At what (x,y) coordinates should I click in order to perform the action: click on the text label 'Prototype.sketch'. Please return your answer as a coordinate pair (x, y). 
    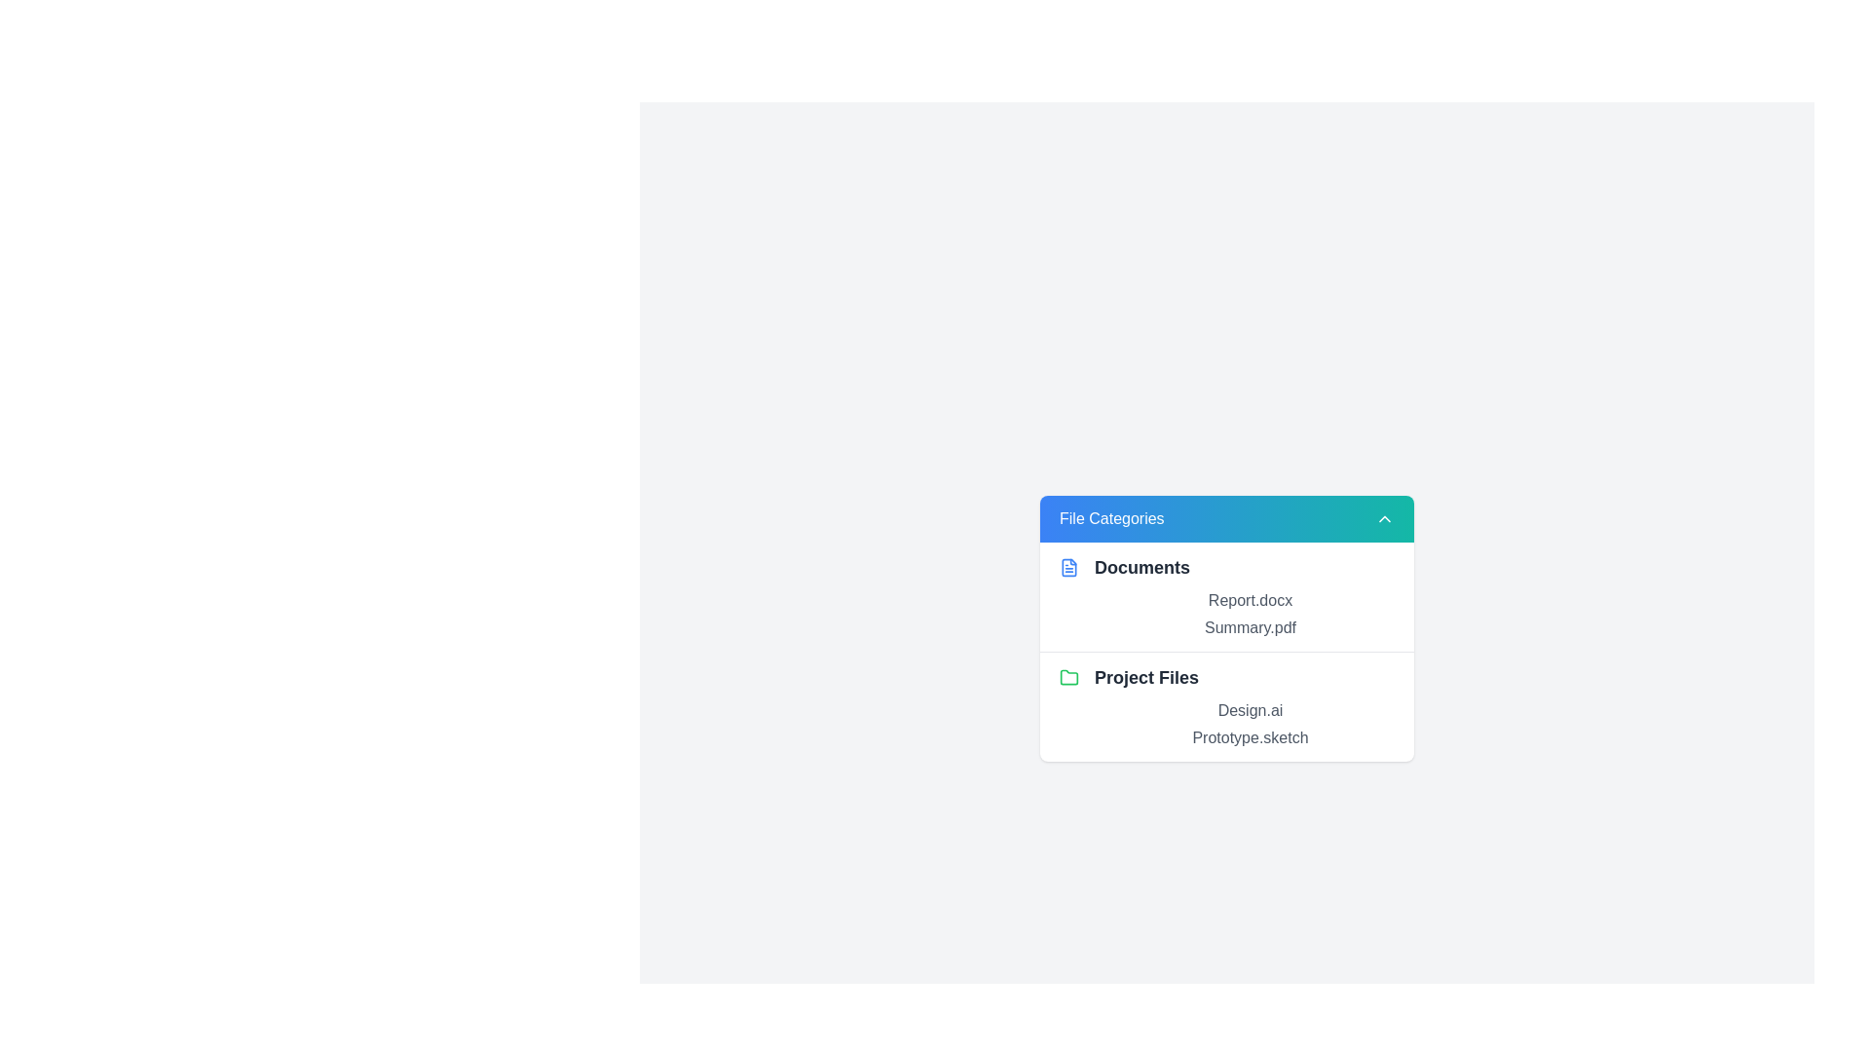
    Looking at the image, I should click on (1250, 736).